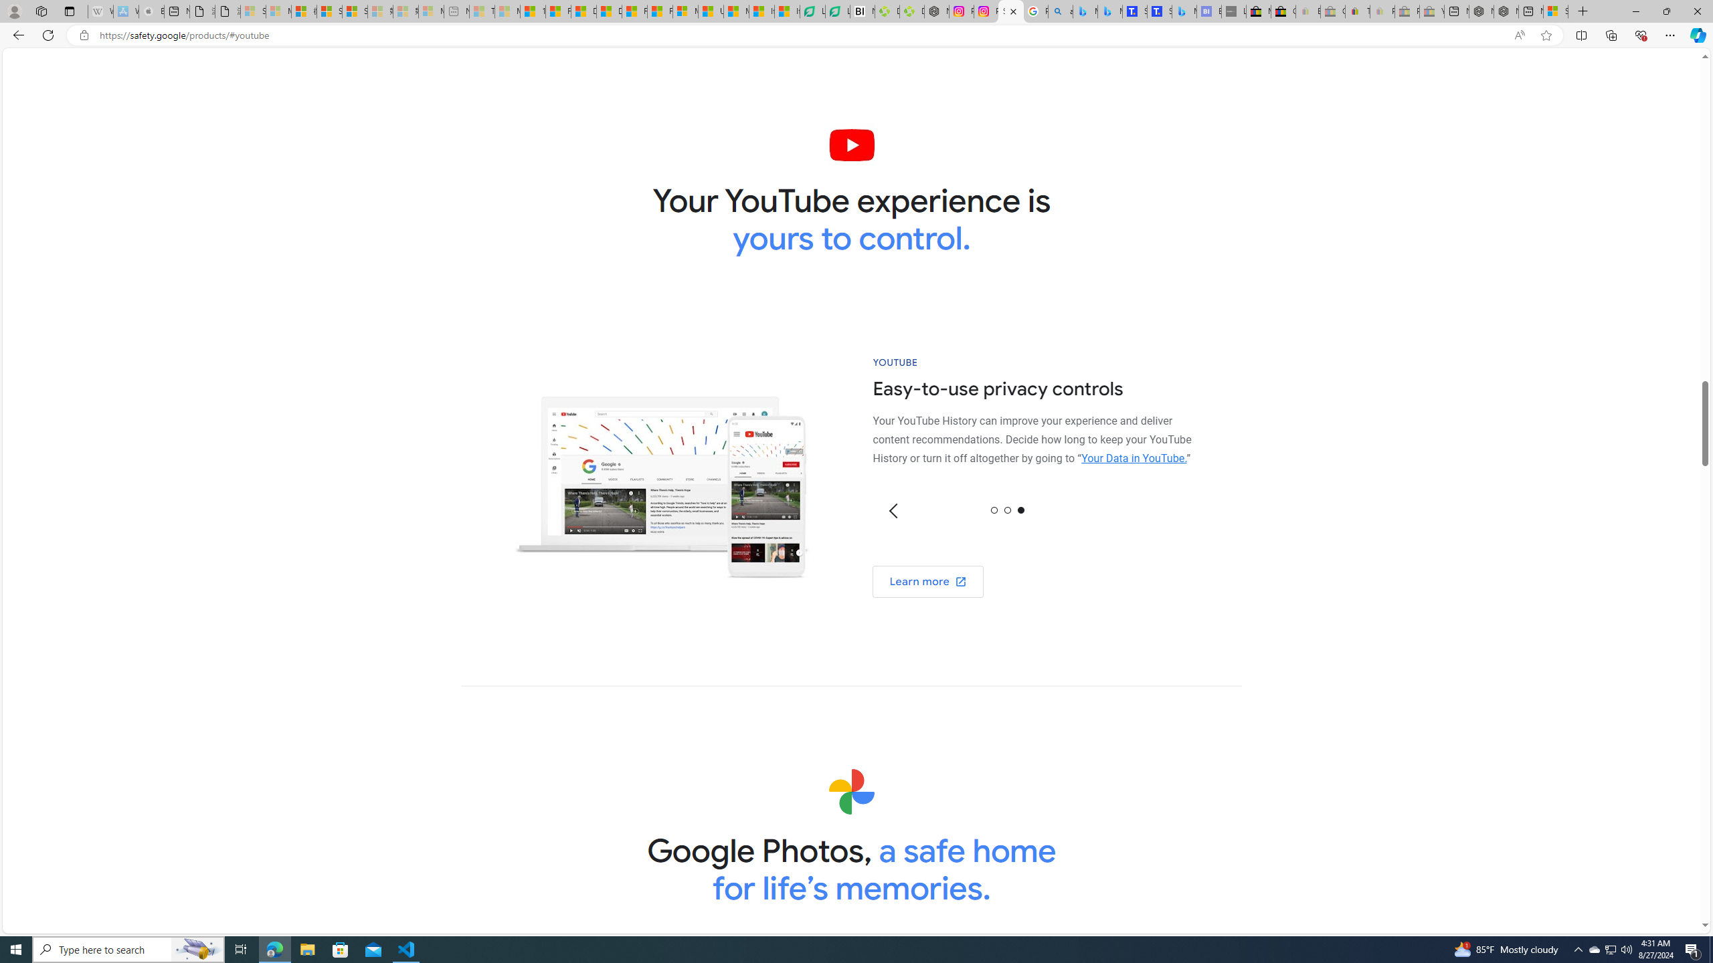  Describe the element at coordinates (278, 11) in the screenshot. I see `'Microsoft Services Agreement - Sleeping'` at that location.